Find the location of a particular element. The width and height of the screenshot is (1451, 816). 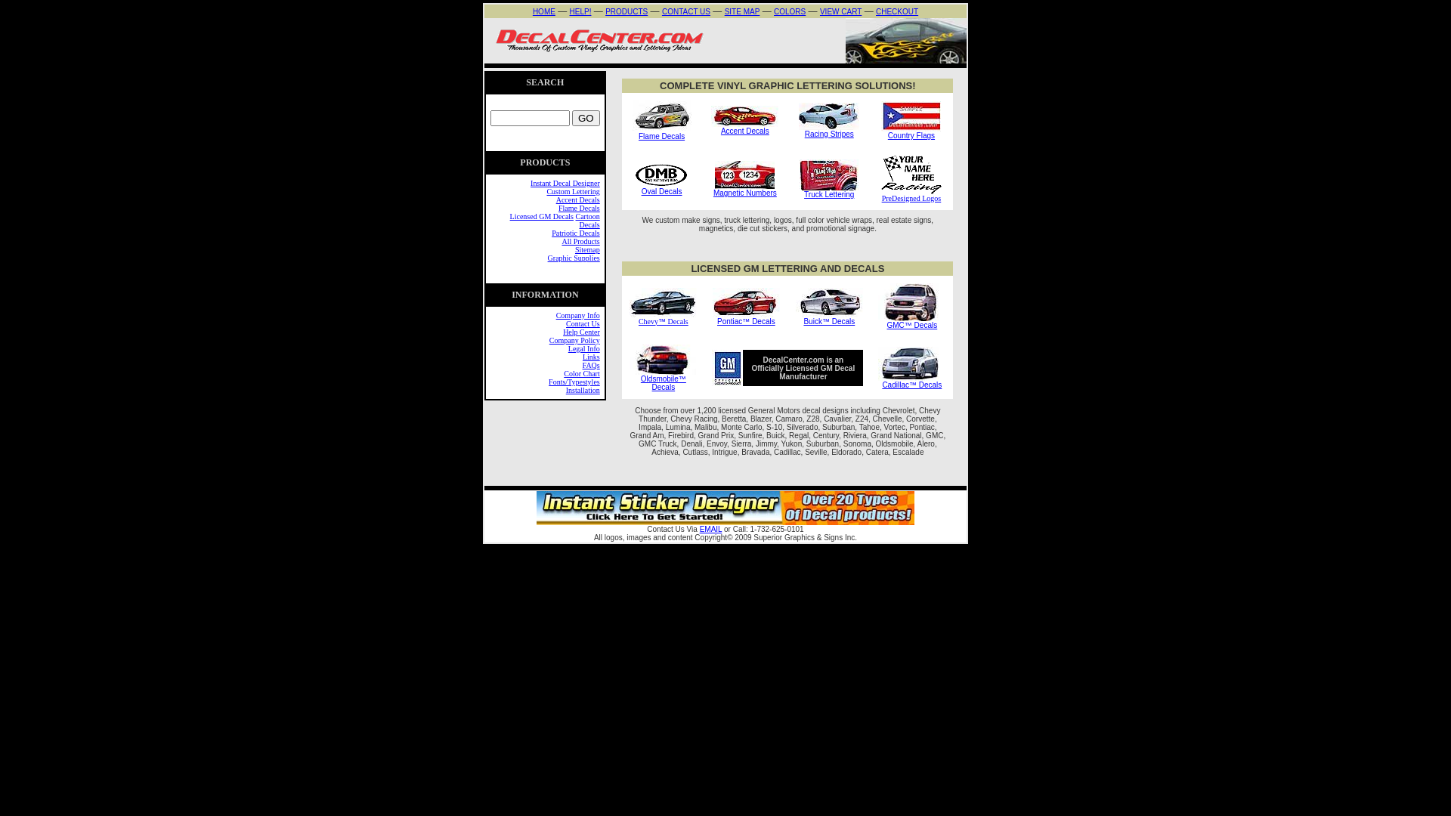

'Oval Decals' is located at coordinates (662, 190).